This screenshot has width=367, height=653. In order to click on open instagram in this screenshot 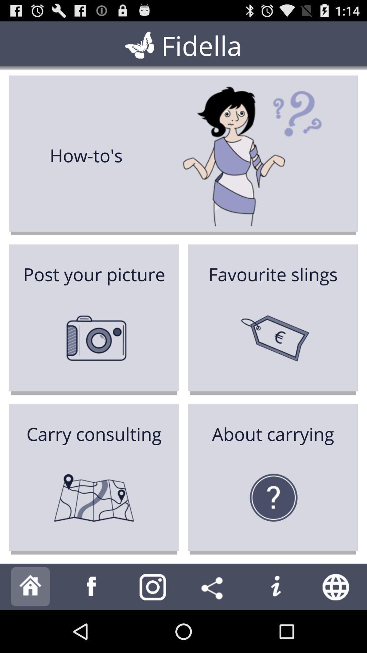, I will do `click(153, 586)`.